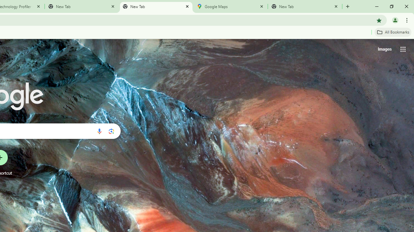 The image size is (414, 232). I want to click on 'Google Maps', so click(230, 6).